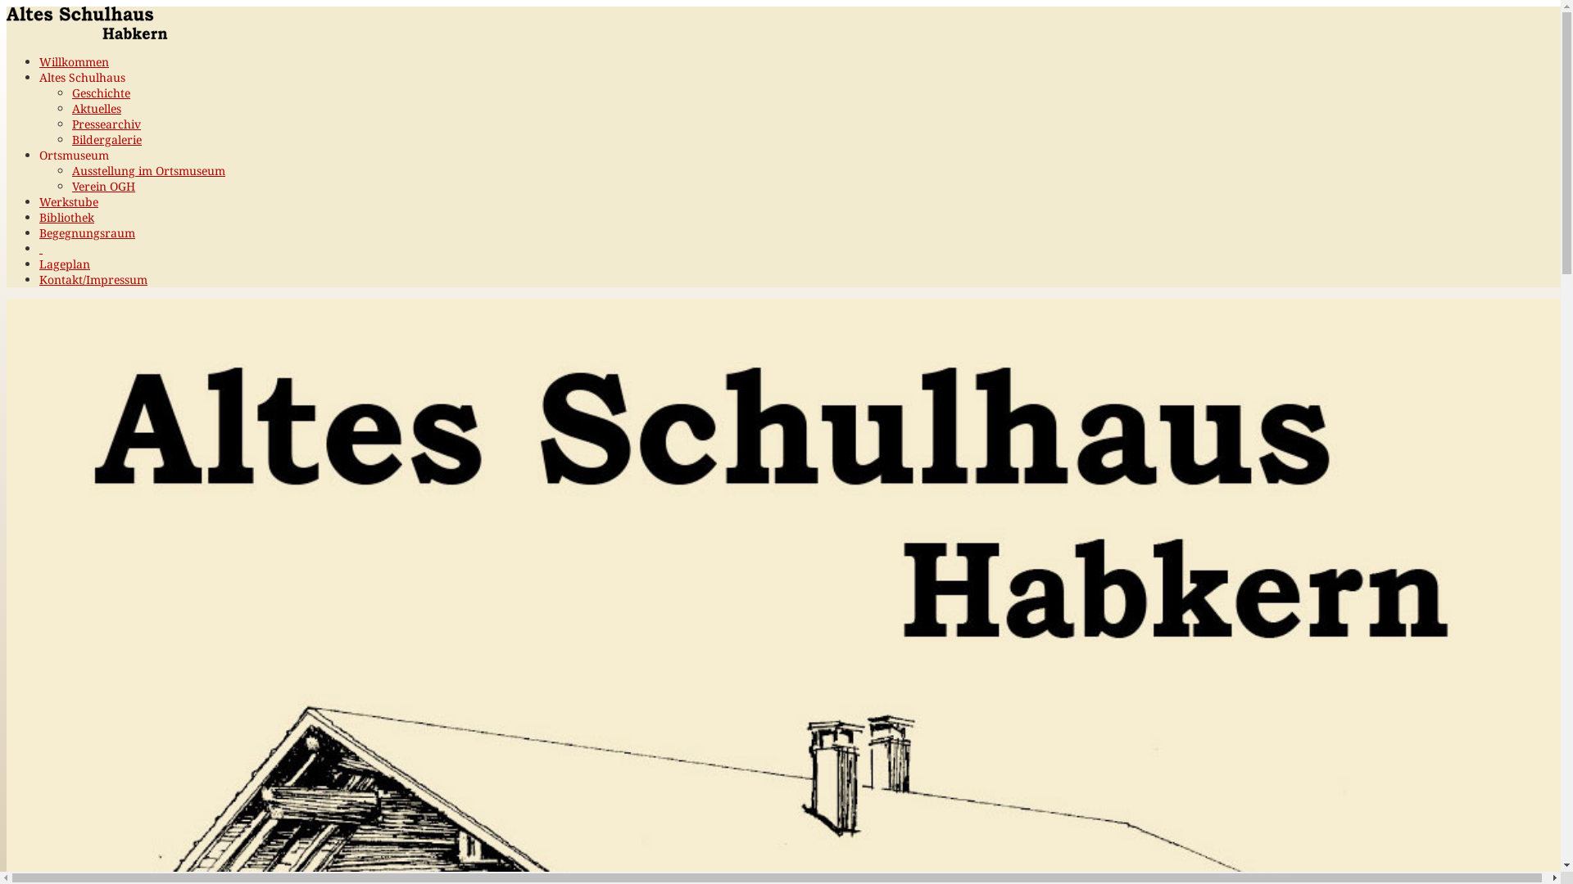 Image resolution: width=1573 pixels, height=884 pixels. What do you see at coordinates (106, 138) in the screenshot?
I see `'Bildergalerie'` at bounding box center [106, 138].